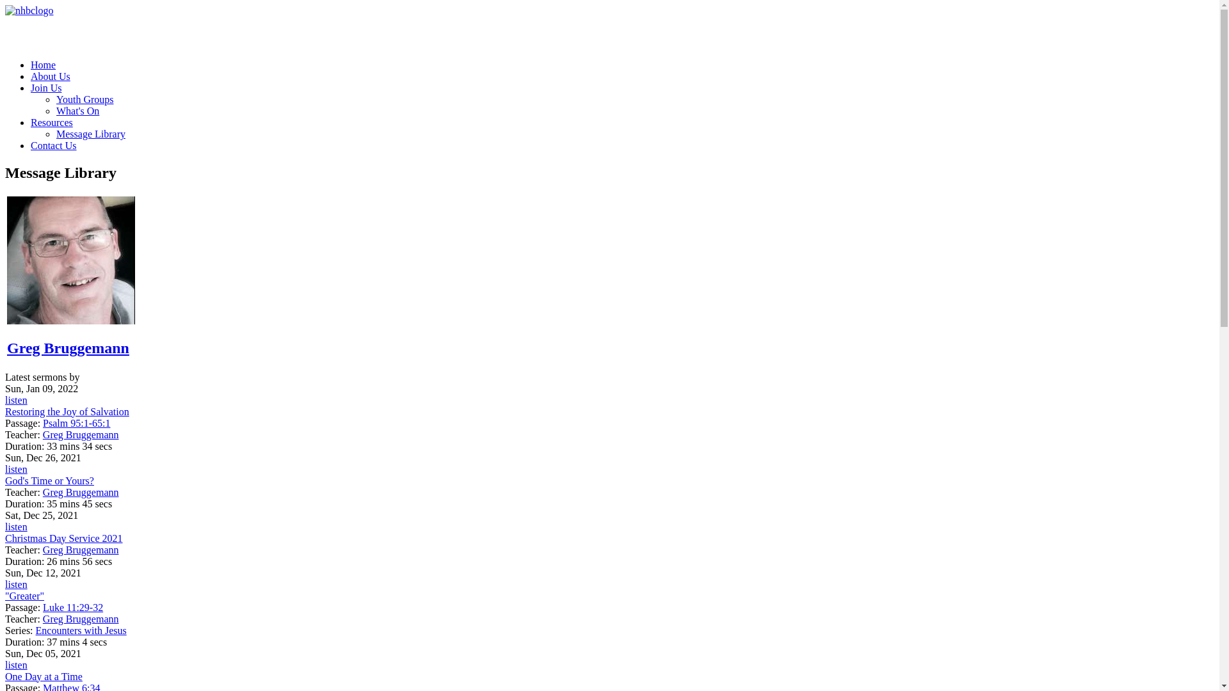 The width and height of the screenshot is (1229, 691). I want to click on 'Restoring the Joy of Salvation', so click(67, 411).